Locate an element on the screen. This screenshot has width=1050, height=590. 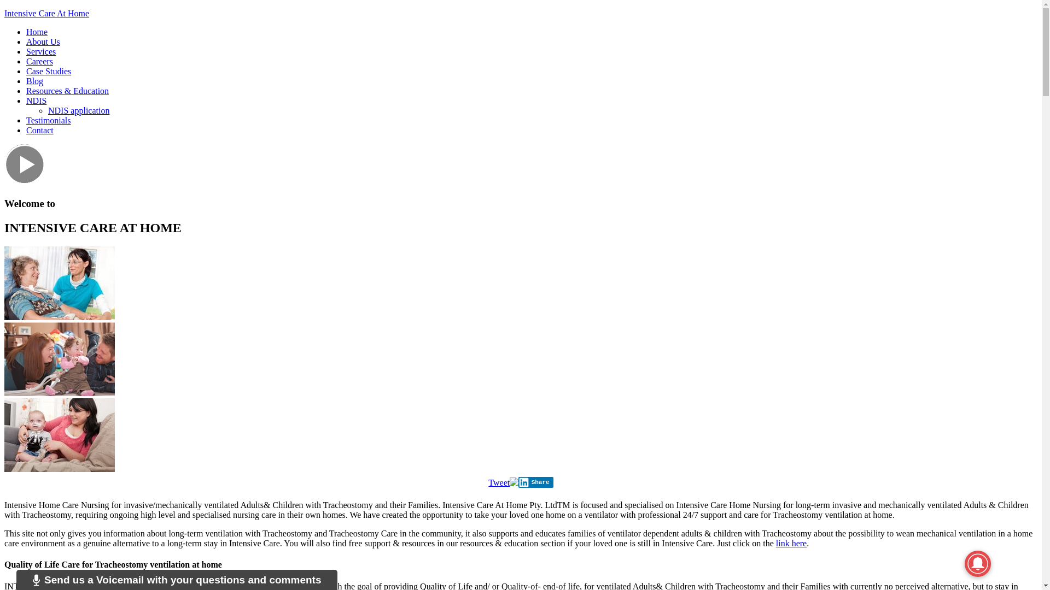
'Intensive Care at Home 03' is located at coordinates (59, 434).